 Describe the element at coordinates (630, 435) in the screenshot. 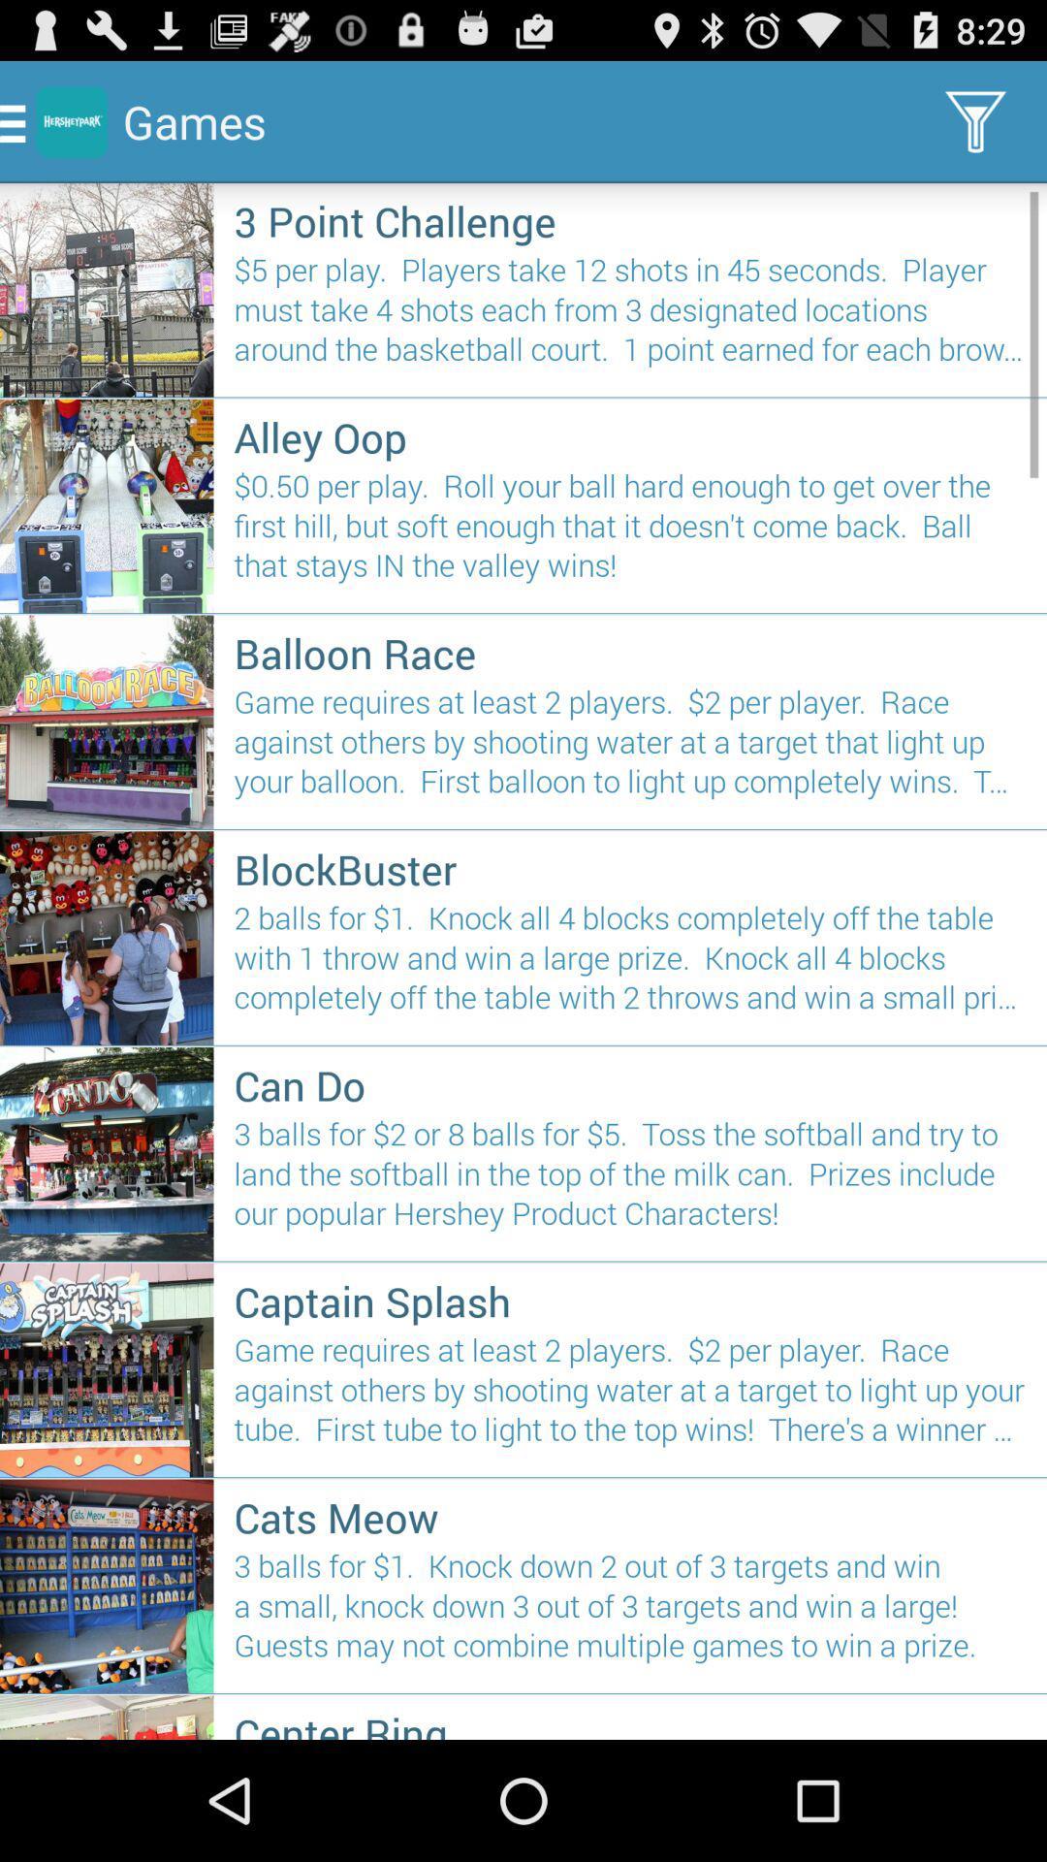

I see `the icon above 0 50 per item` at that location.